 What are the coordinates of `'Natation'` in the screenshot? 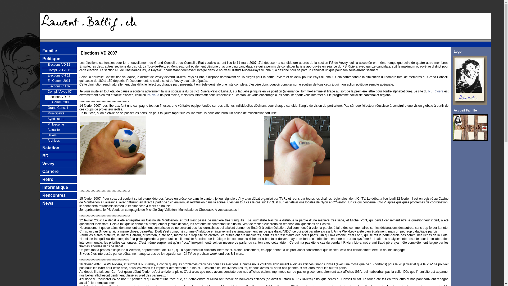 It's located at (51, 148).